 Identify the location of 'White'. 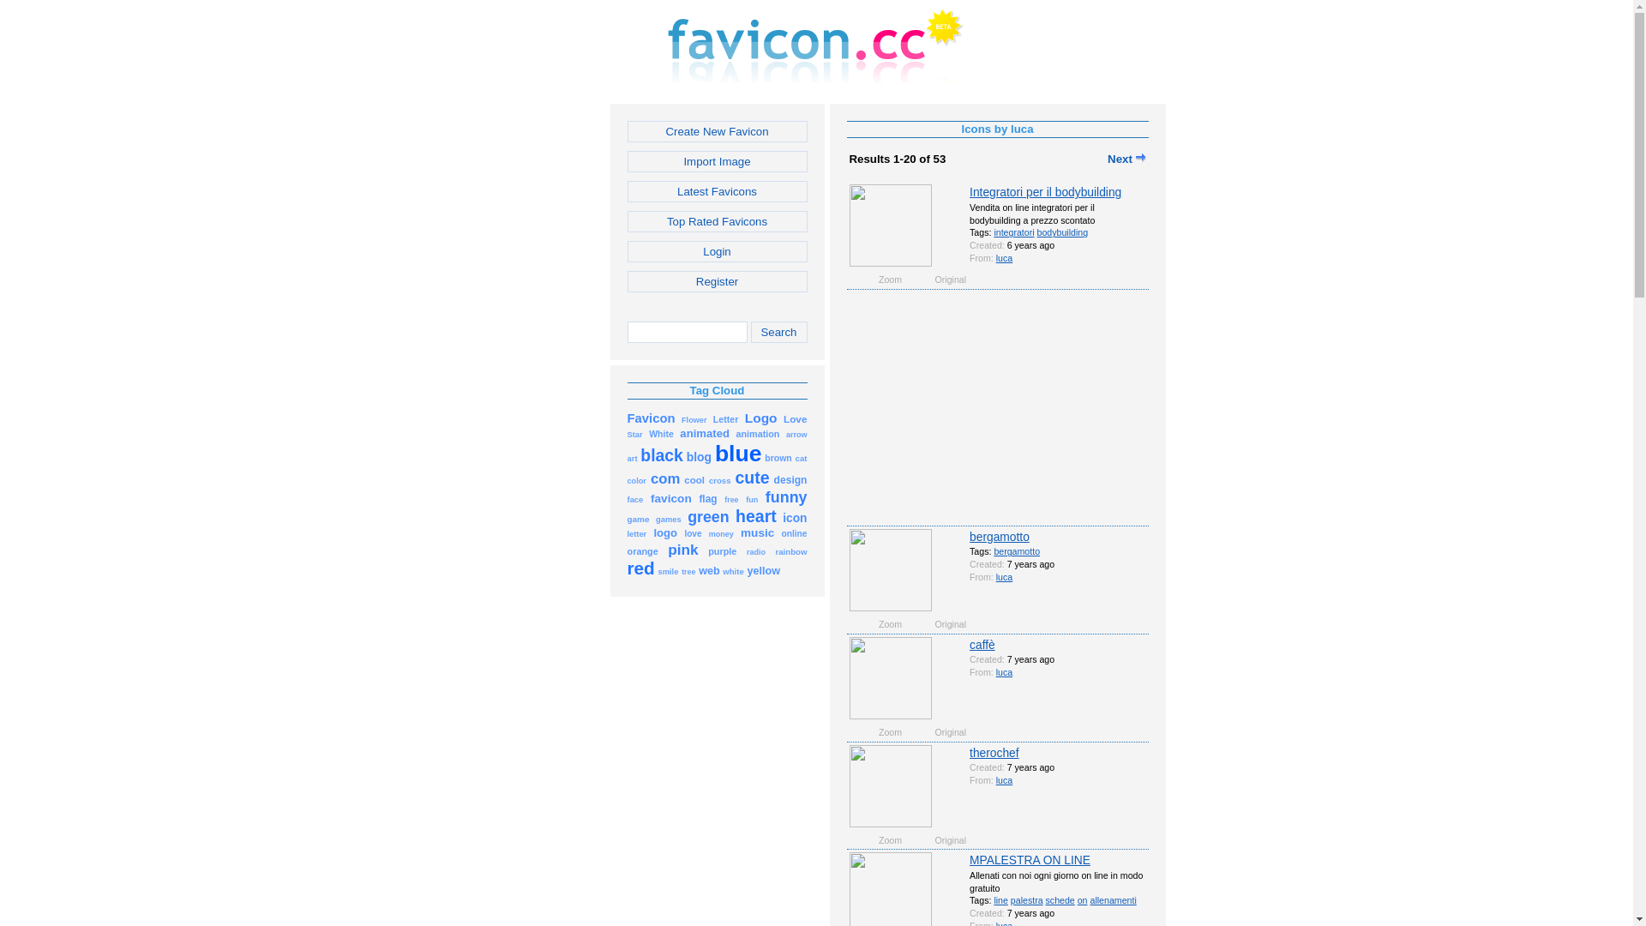
(660, 432).